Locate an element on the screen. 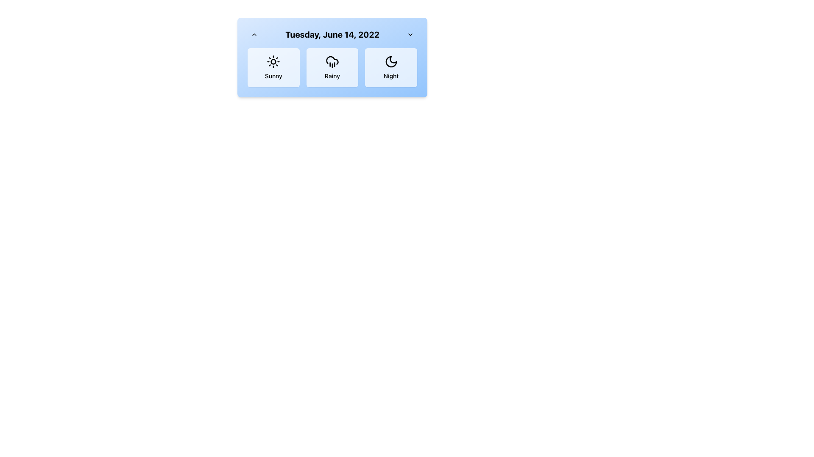  the Grid layout containing icon-based weather representations that shows 'Sunny', 'Rainy', and 'Night' conditions, positioned below the date title 'Tuesday, June 14, 2022' is located at coordinates (332, 67).